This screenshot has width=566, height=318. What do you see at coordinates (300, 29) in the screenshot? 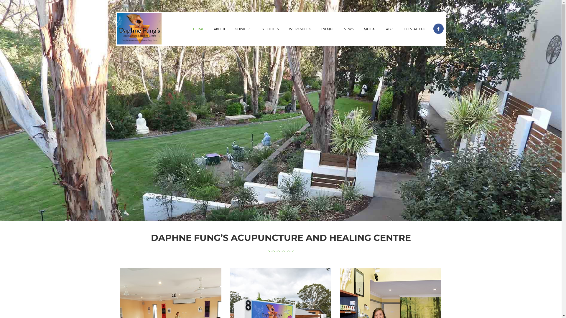
I see `'WORKSHOPS'` at bounding box center [300, 29].